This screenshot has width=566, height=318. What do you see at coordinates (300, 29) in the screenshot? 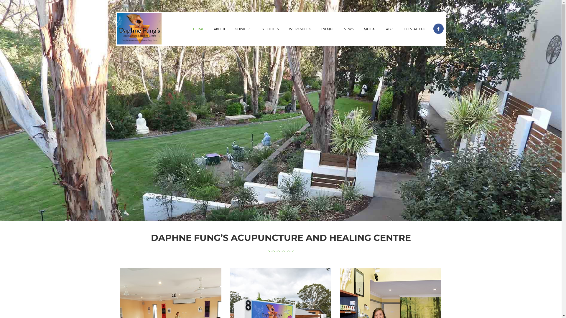
I see `'WORKSHOPS'` at bounding box center [300, 29].